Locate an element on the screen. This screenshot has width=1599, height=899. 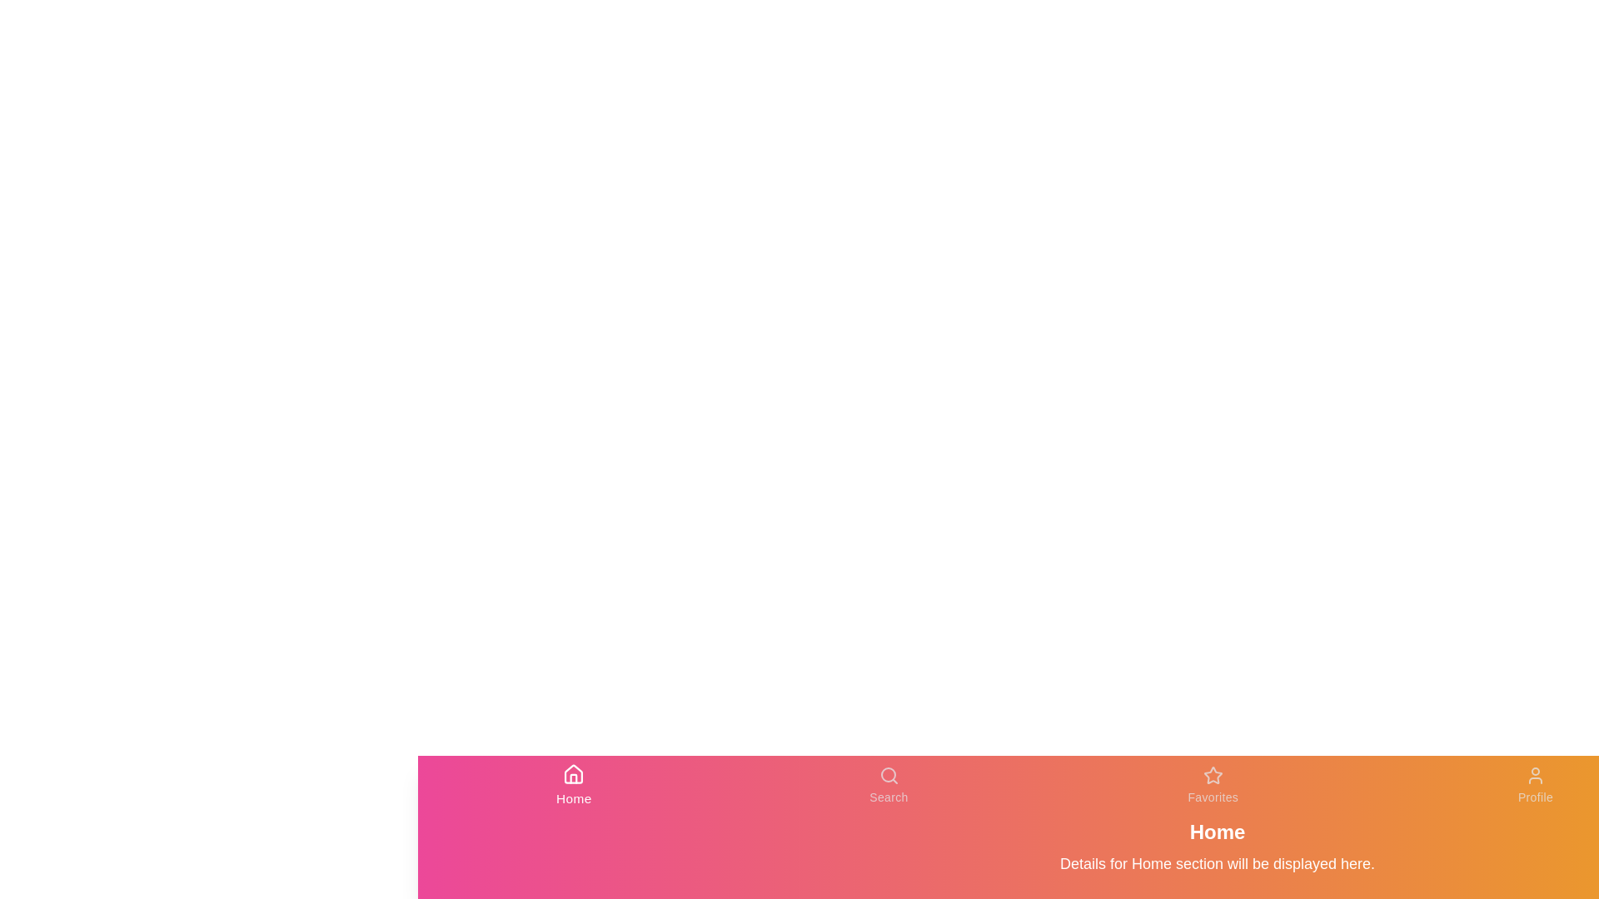
the Home tab to view its content is located at coordinates (574, 786).